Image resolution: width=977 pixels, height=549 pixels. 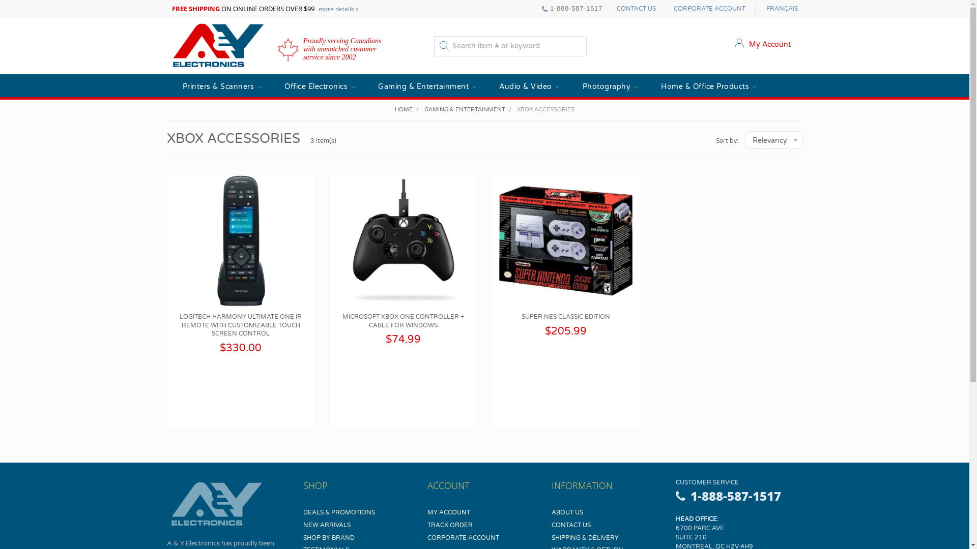 What do you see at coordinates (423, 86) in the screenshot?
I see `'Gaming & Entertainment'` at bounding box center [423, 86].